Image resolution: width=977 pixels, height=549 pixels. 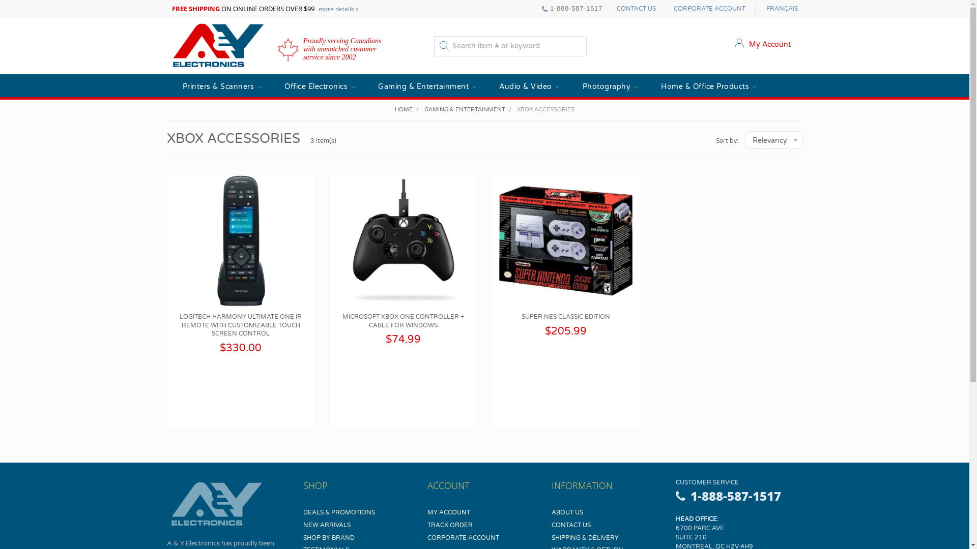 What do you see at coordinates (423, 86) in the screenshot?
I see `'Gaming & Entertainment'` at bounding box center [423, 86].